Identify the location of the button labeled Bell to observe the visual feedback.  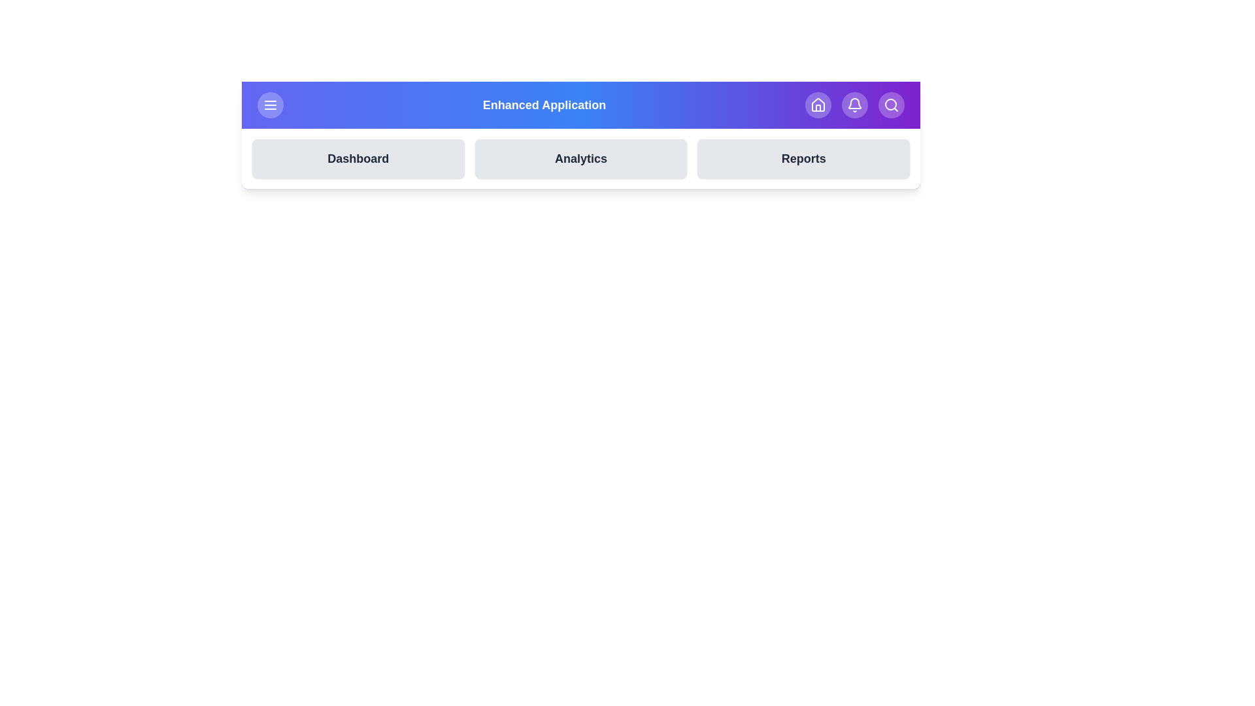
(854, 105).